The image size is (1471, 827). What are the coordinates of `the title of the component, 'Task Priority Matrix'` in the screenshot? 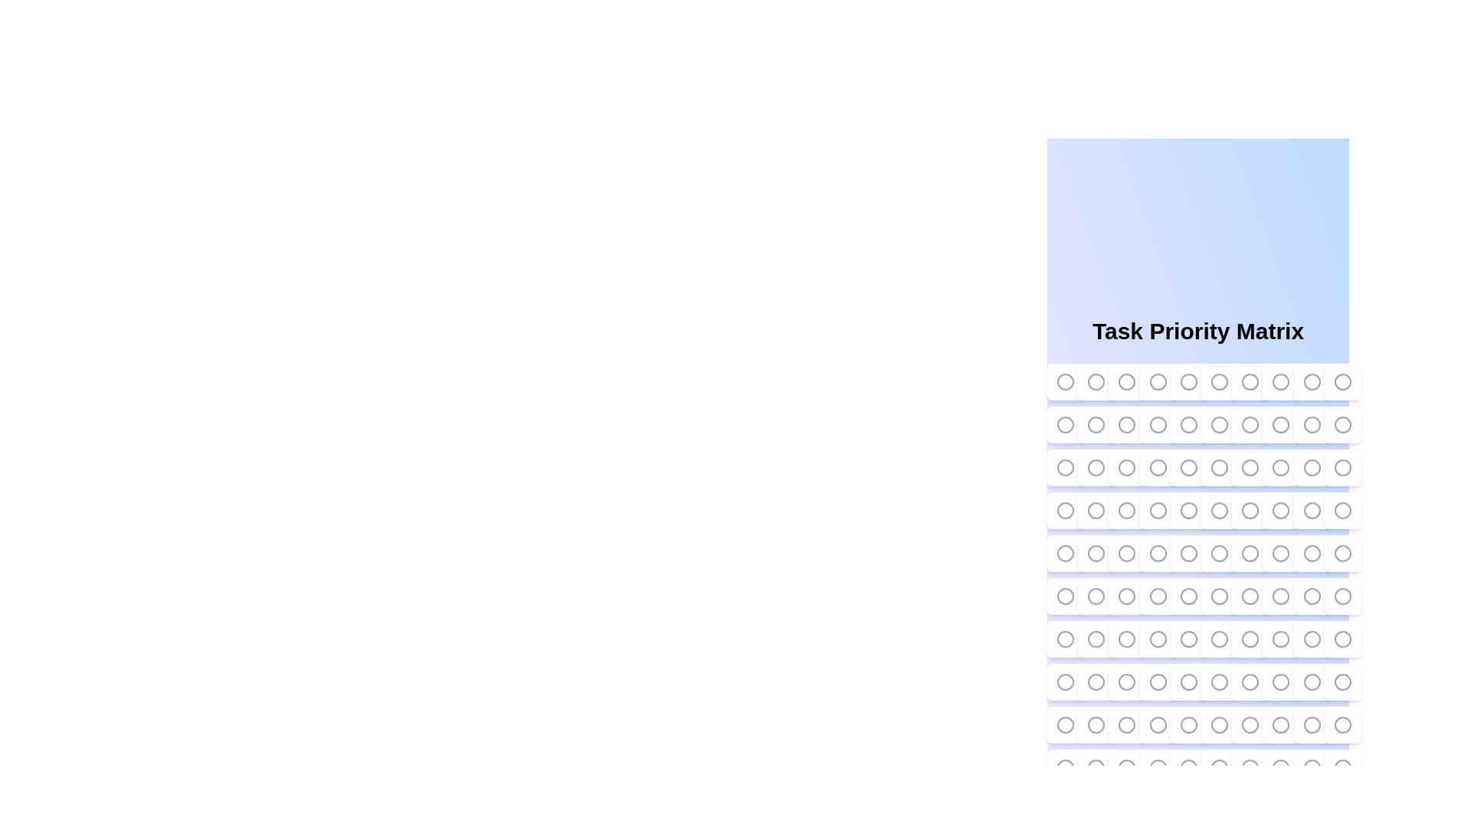 It's located at (1197, 330).